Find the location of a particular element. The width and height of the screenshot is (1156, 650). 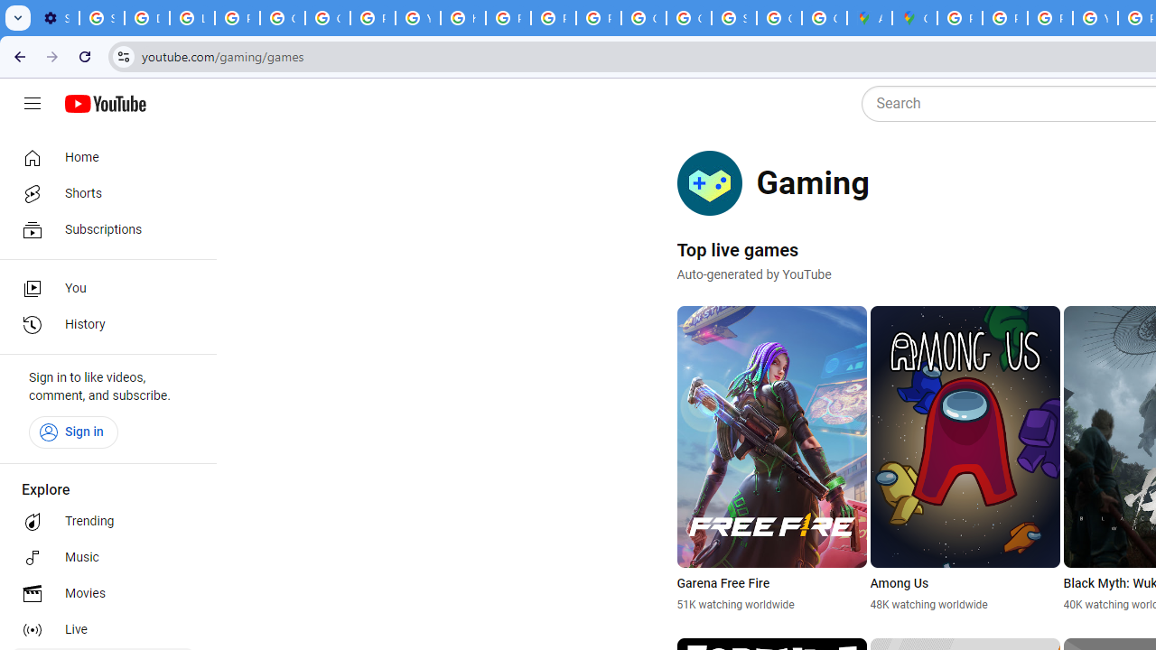

'Policy Accountability and Transparency - Transparency Center' is located at coordinates (959, 18).